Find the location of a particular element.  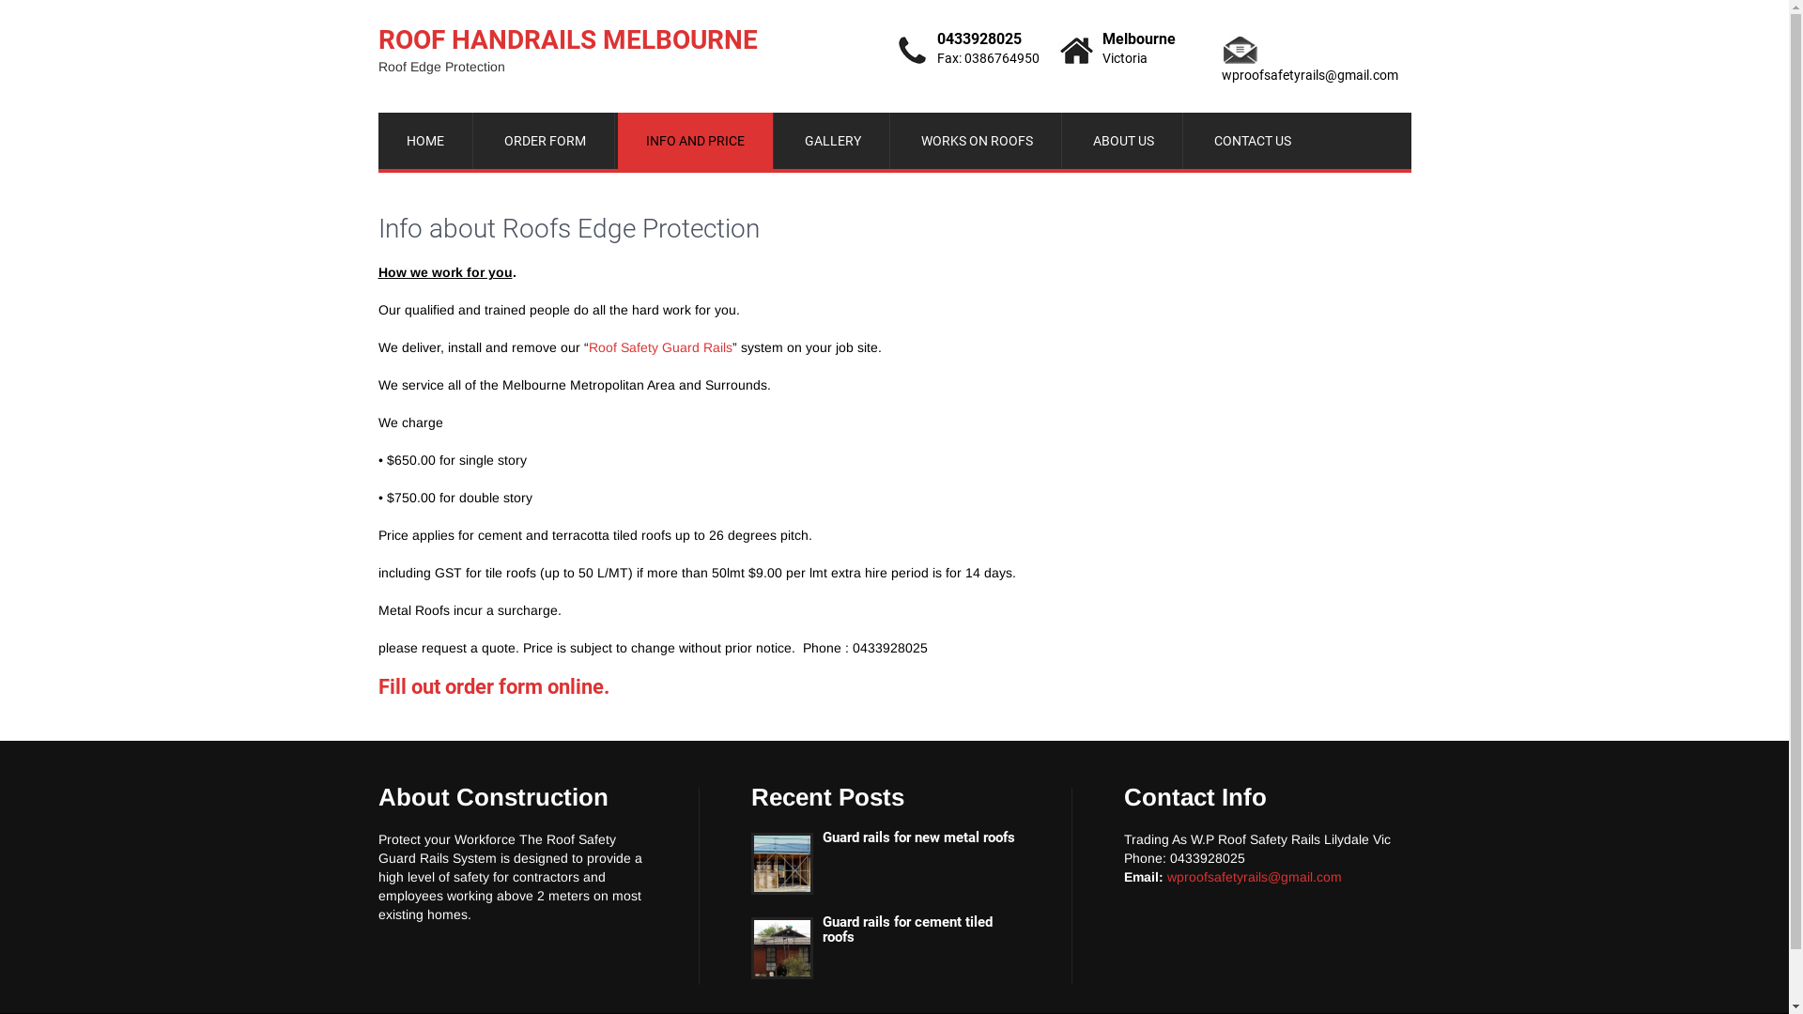

'ABOUT US' is located at coordinates (1123, 140).